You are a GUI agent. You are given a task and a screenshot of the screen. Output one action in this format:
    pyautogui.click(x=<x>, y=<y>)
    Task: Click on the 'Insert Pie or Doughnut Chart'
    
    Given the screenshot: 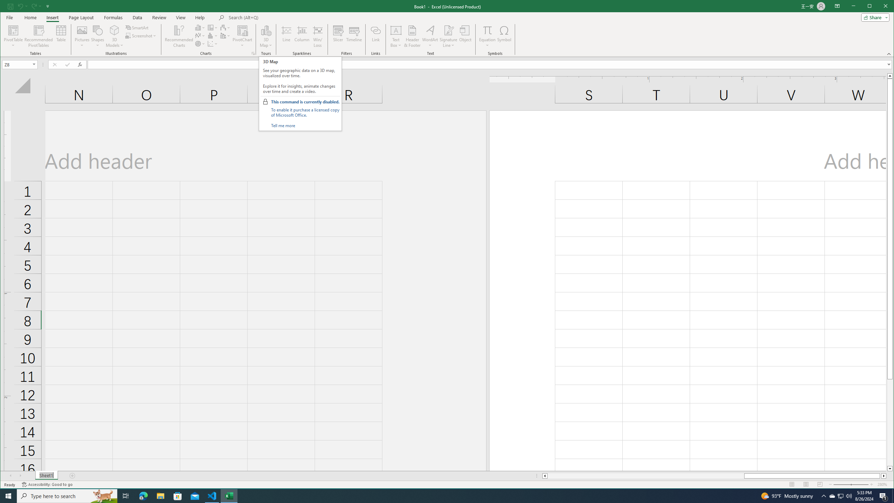 What is the action you would take?
    pyautogui.click(x=200, y=44)
    